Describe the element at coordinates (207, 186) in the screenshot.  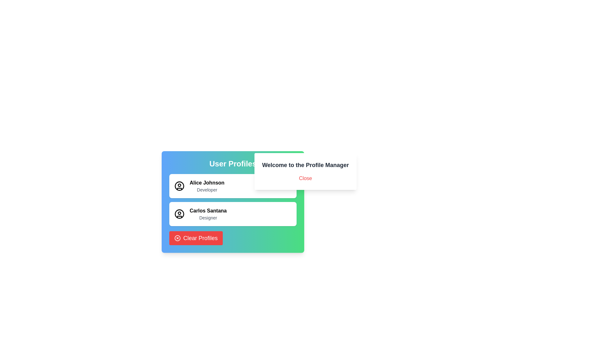
I see `the static informational text displaying 'Alice Johnson' and 'Developer' in the first user profile card of the 'User Profiles' section` at that location.